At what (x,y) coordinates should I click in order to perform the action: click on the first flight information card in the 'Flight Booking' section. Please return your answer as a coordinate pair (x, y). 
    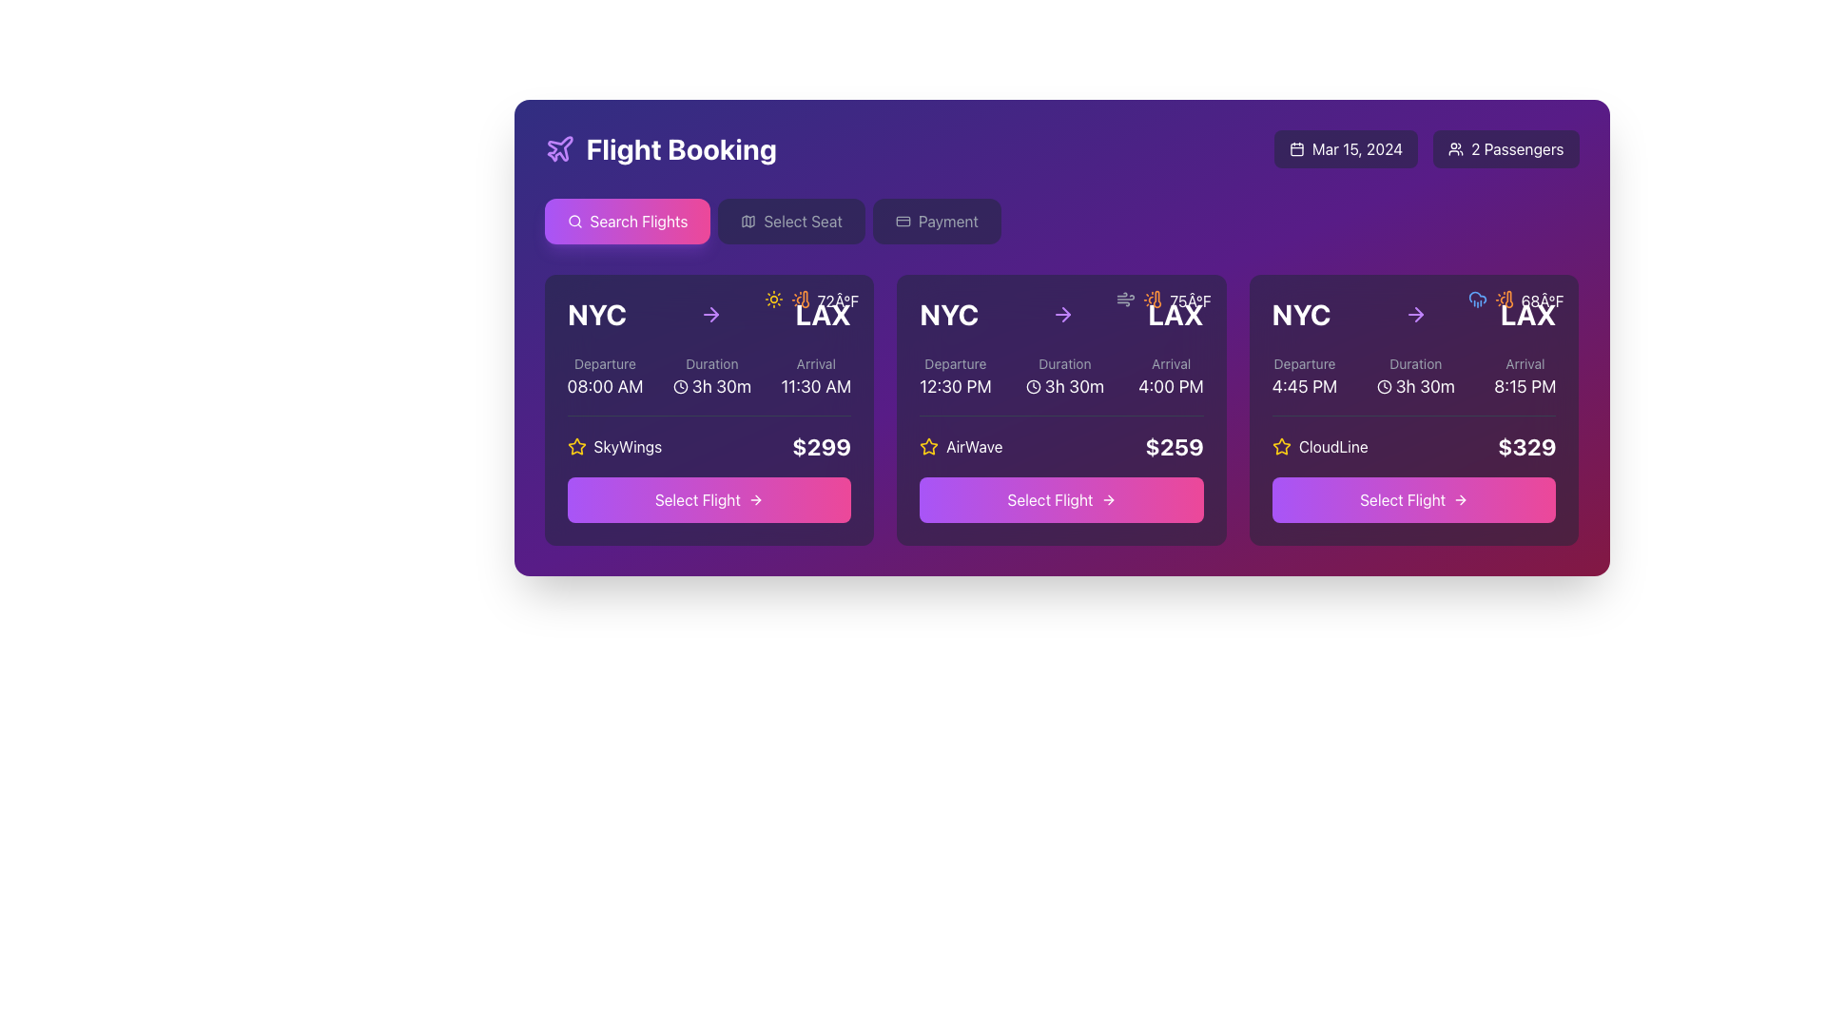
    Looking at the image, I should click on (708, 409).